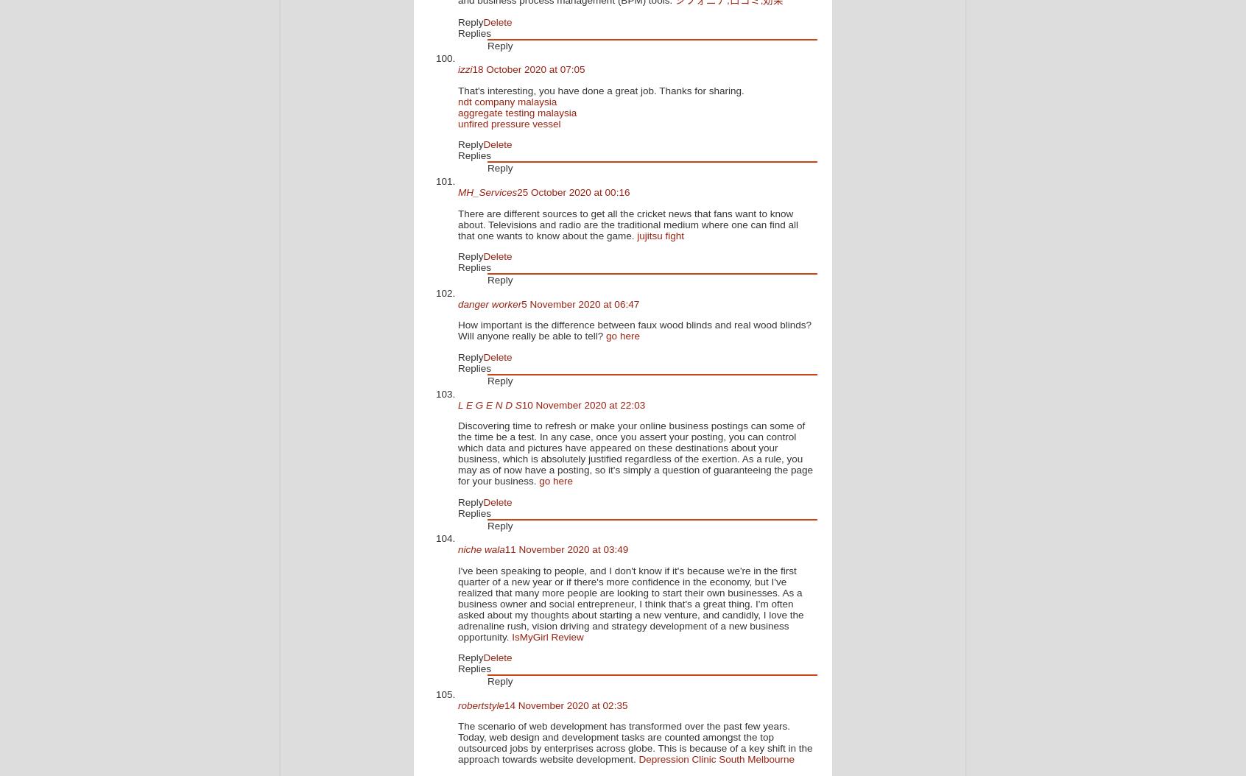  Describe the element at coordinates (630, 602) in the screenshot. I see `'I've been speaking to people, and I don't know if it's because we're in the first quarter of a new year or if there's more confidence in the economy, but I've realized that many more people are looking to start their own businesses. As a business owner and social entrepreneur, I think that's a great thing. I'm often asked about my thoughts about starting a new venture, and candidly, I love the adrenaline rush, vision driving and strategy development of a new business opportunity.'` at that location.